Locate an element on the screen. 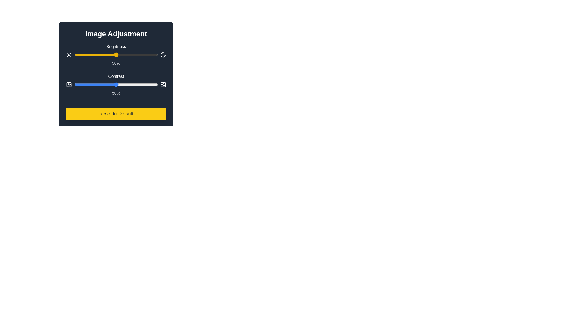 This screenshot has width=572, height=322. the contrast level is located at coordinates (103, 85).